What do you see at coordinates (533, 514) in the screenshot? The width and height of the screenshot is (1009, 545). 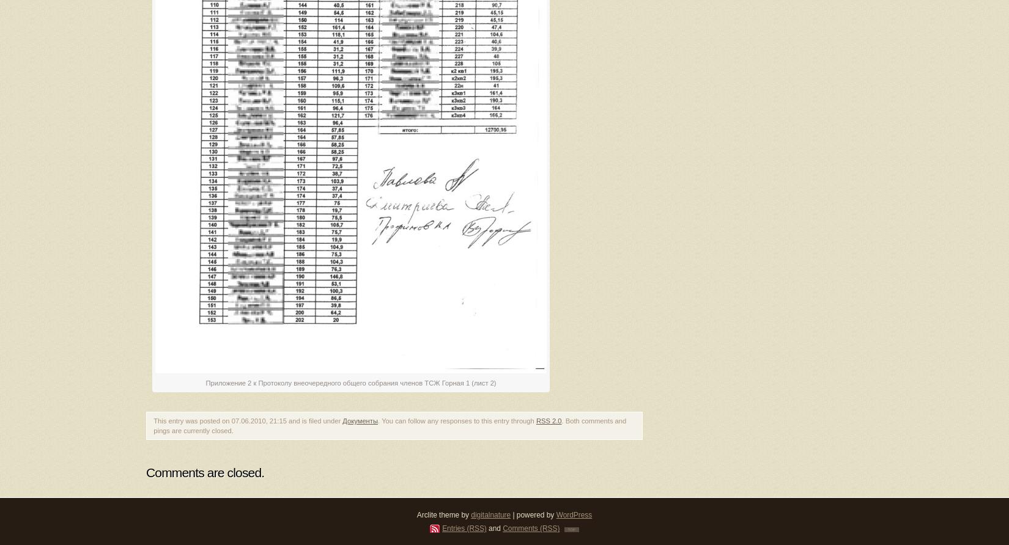 I see `'| powered by'` at bounding box center [533, 514].